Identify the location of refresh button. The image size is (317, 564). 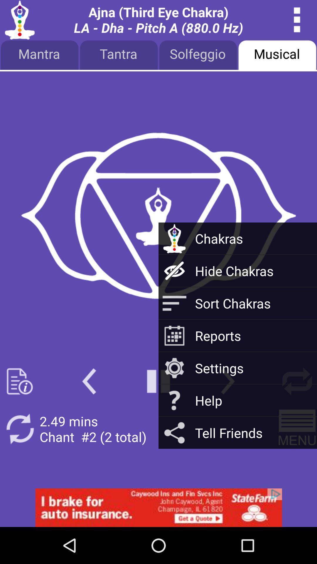
(297, 381).